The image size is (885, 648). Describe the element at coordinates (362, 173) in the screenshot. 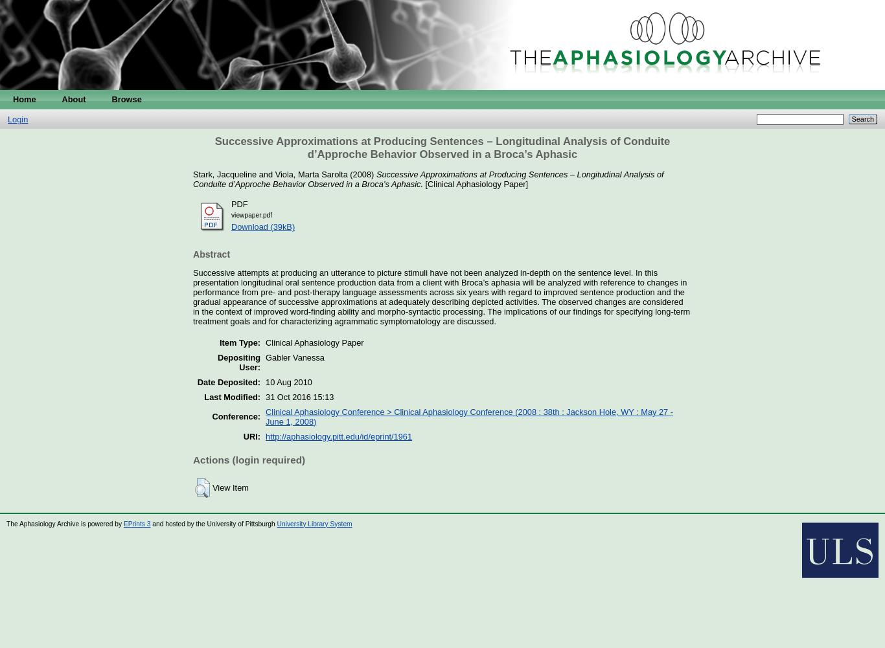

I see `'(2008)'` at that location.